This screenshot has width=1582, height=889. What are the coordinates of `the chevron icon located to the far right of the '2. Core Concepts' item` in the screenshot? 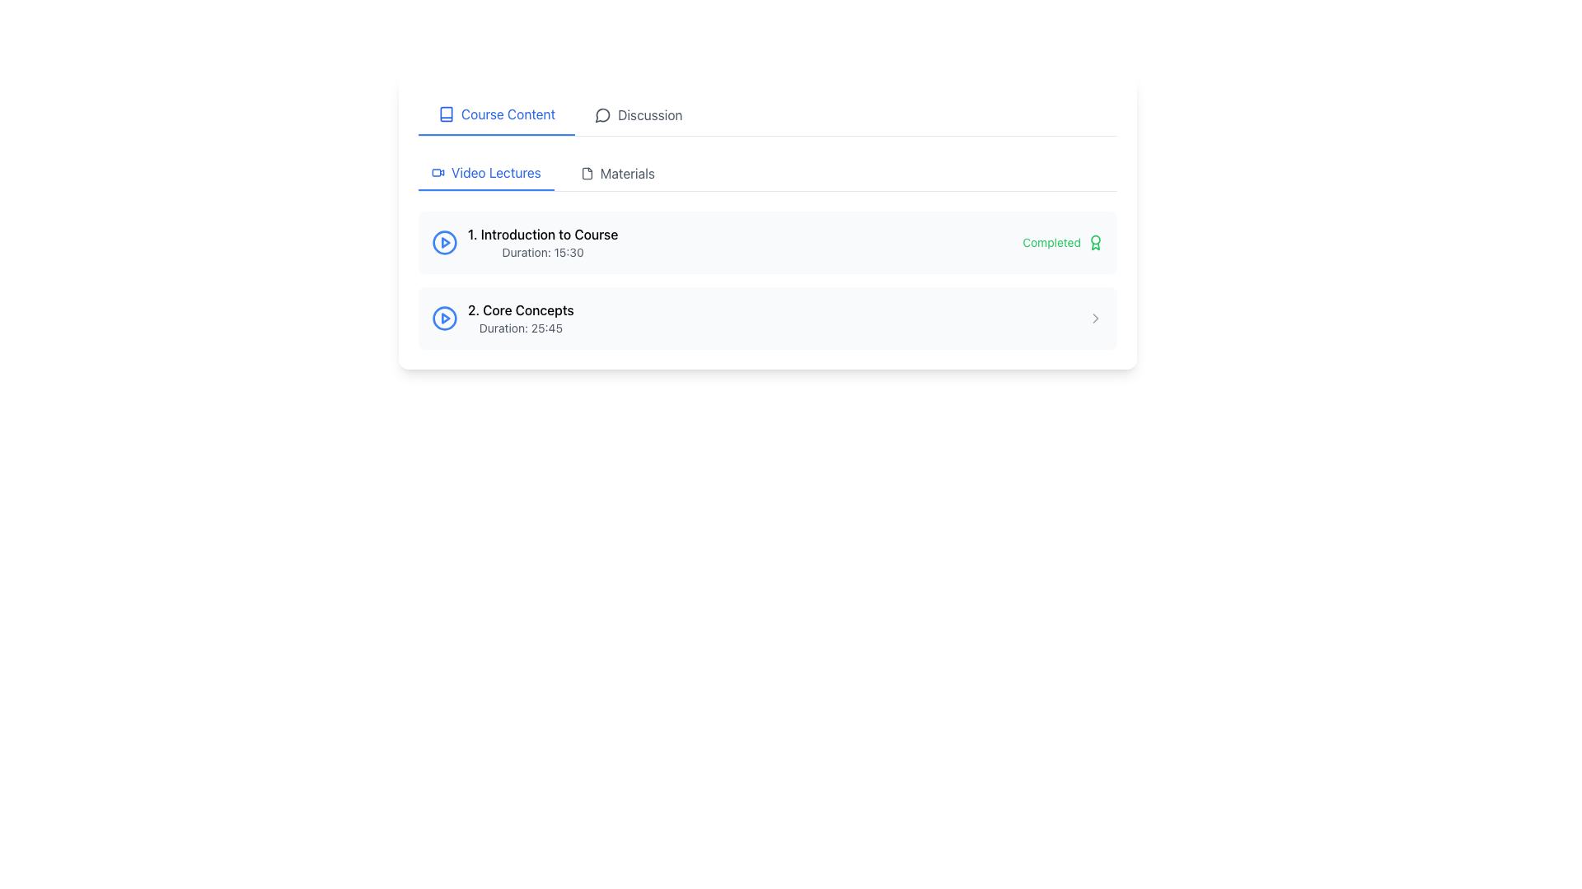 It's located at (1095, 318).